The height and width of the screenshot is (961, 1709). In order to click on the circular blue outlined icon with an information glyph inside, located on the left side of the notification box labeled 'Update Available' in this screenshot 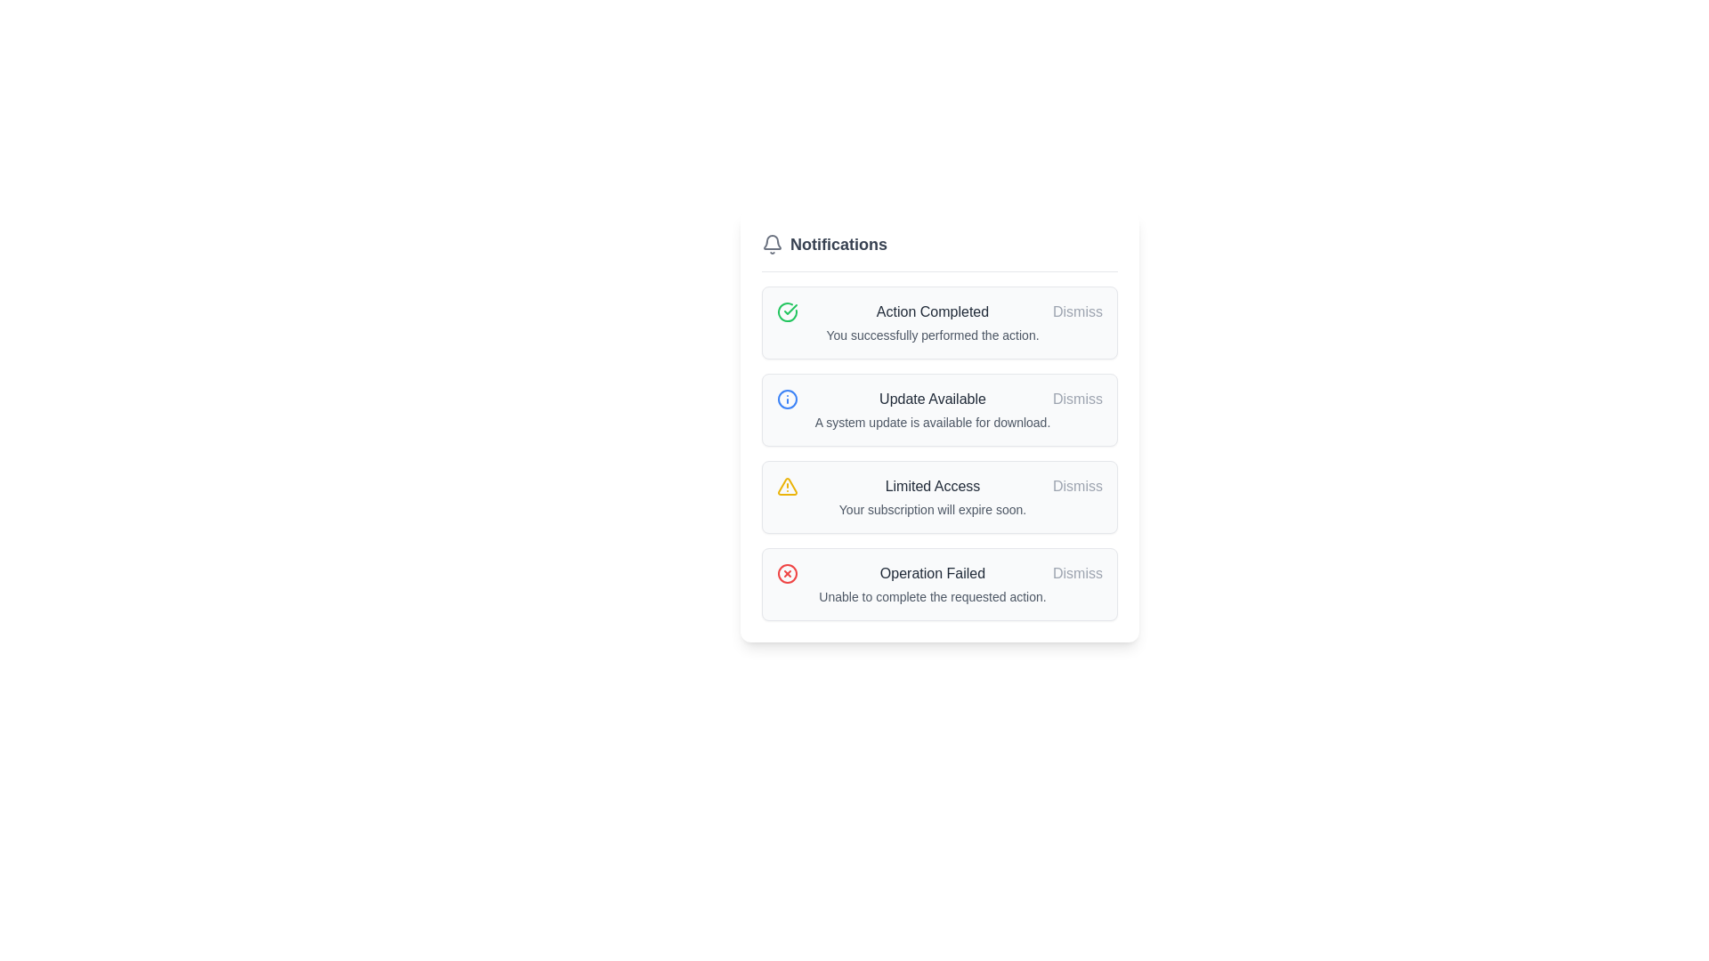, I will do `click(786, 398)`.